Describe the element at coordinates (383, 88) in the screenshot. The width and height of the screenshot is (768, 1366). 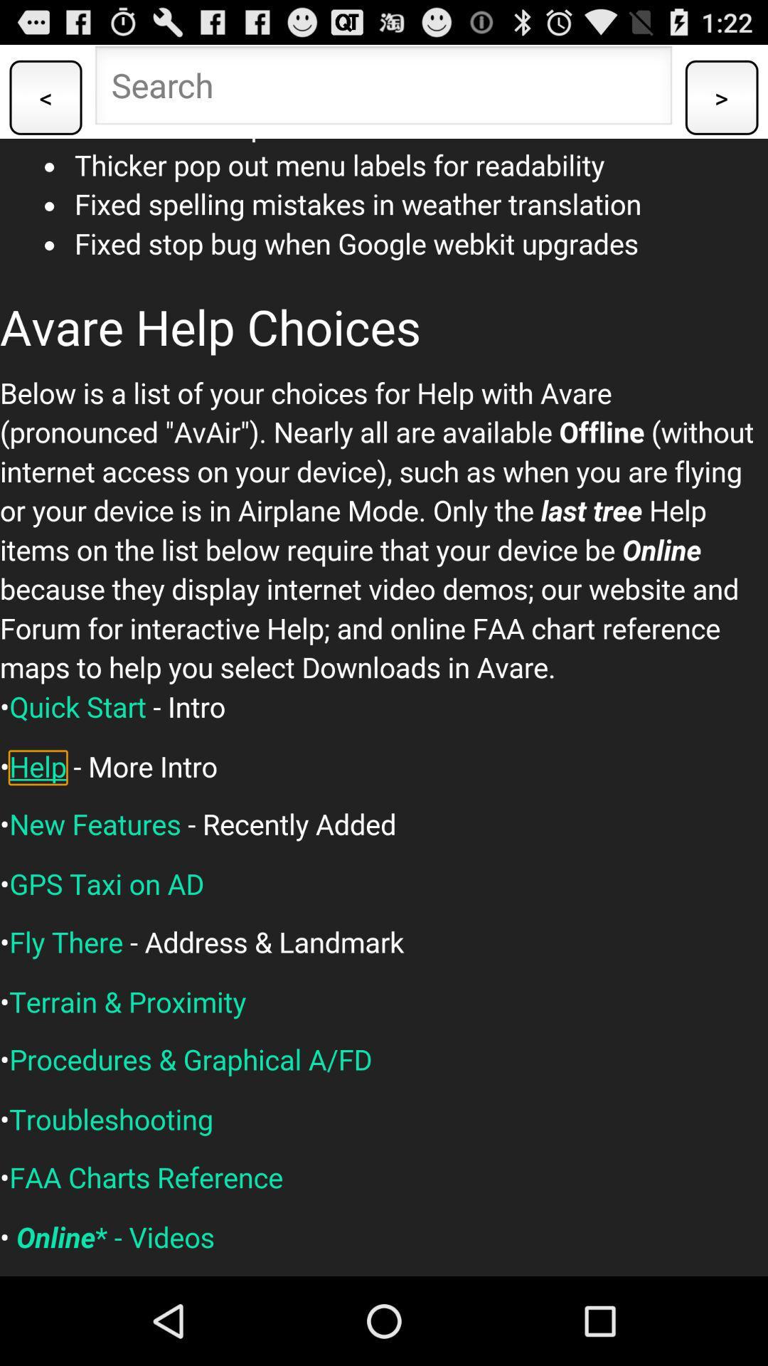
I see `type the searching option` at that location.